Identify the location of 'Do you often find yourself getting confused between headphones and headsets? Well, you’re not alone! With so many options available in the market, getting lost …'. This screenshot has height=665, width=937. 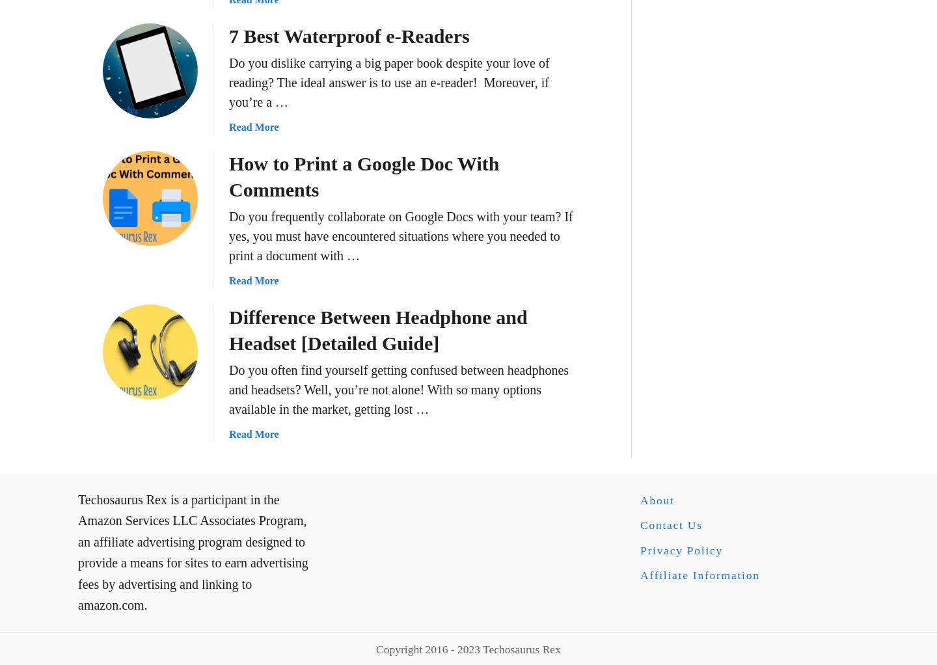
(228, 388).